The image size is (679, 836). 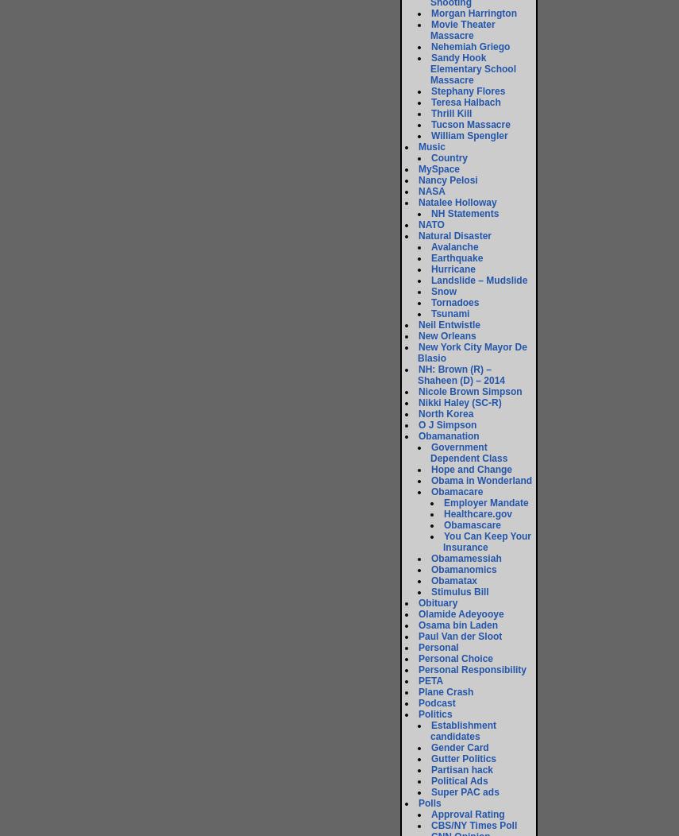 I want to click on 'Partisan hack', so click(x=431, y=769).